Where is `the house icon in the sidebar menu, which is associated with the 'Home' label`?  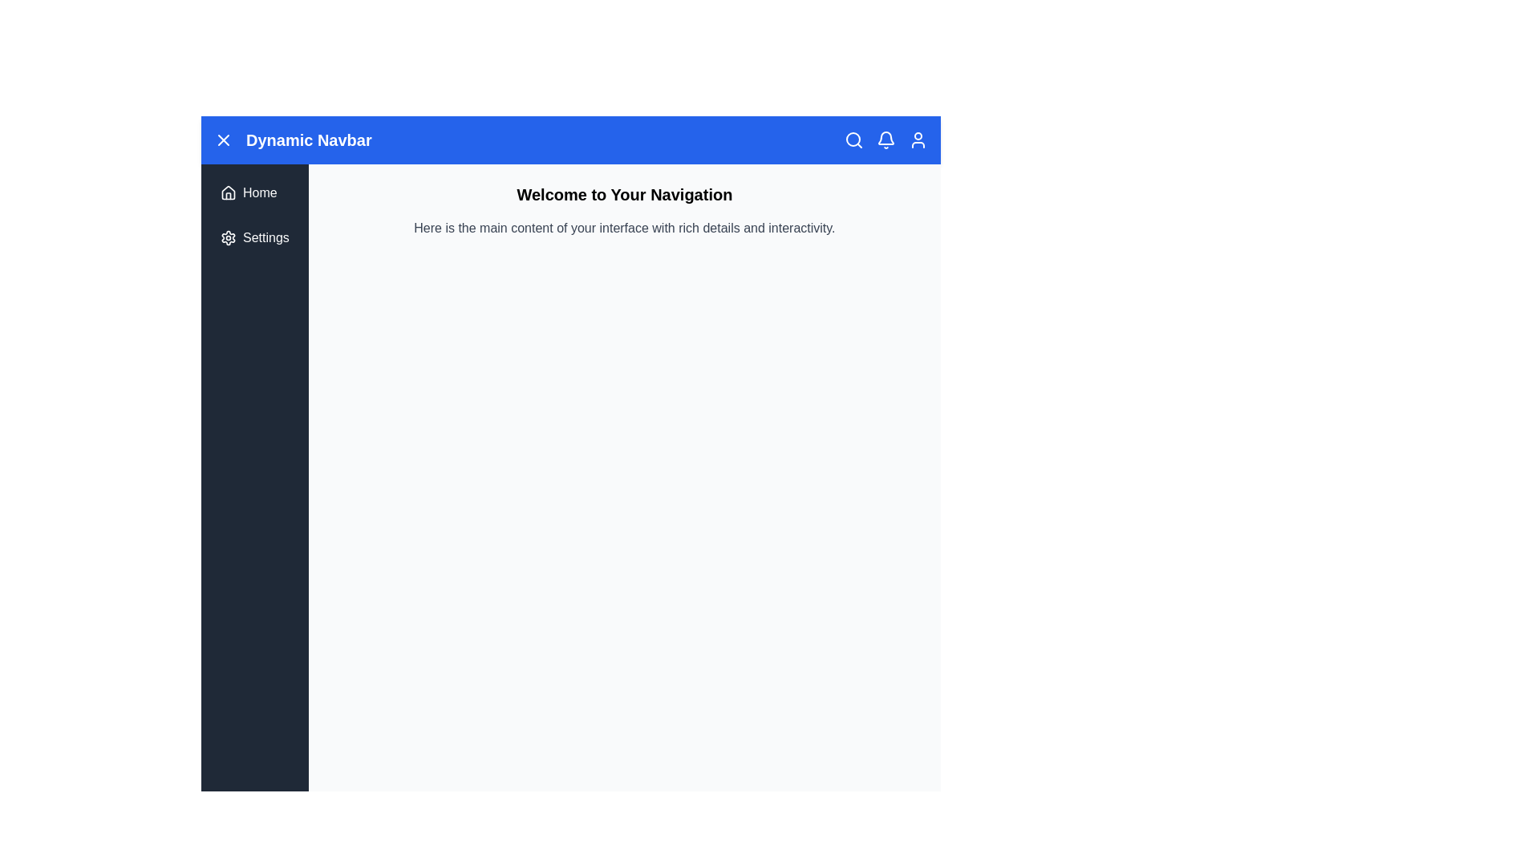
the house icon in the sidebar menu, which is associated with the 'Home' label is located at coordinates (227, 191).